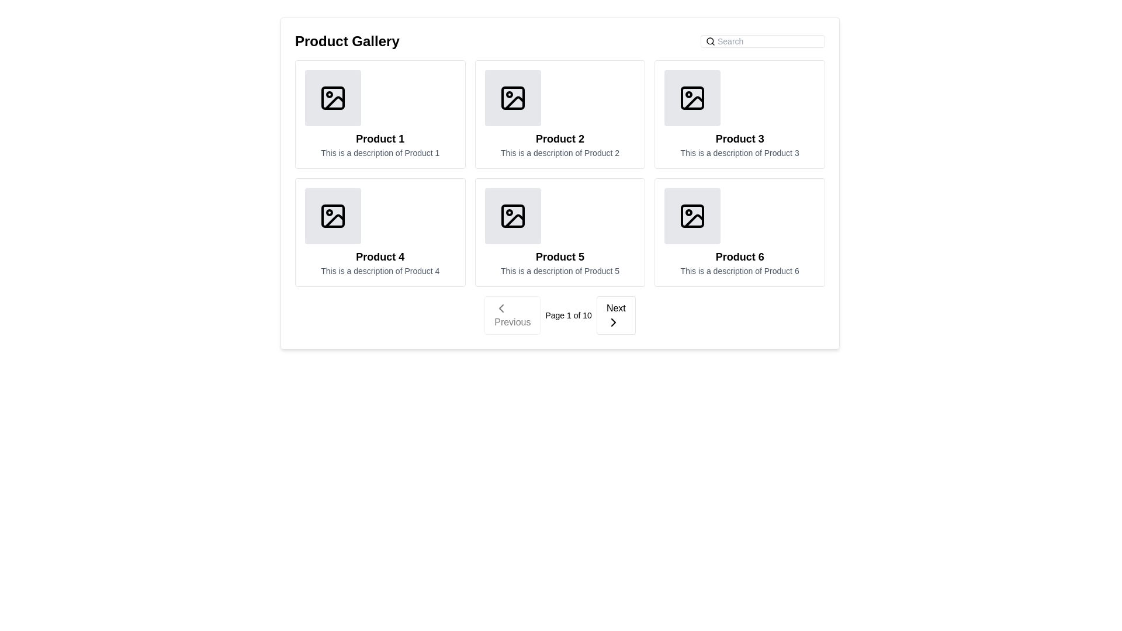 This screenshot has height=631, width=1122. Describe the element at coordinates (334, 102) in the screenshot. I see `diagonal line segment that forms part of the graphical icon representing the image placeholder for 'Product 1' in the product gallery` at that location.